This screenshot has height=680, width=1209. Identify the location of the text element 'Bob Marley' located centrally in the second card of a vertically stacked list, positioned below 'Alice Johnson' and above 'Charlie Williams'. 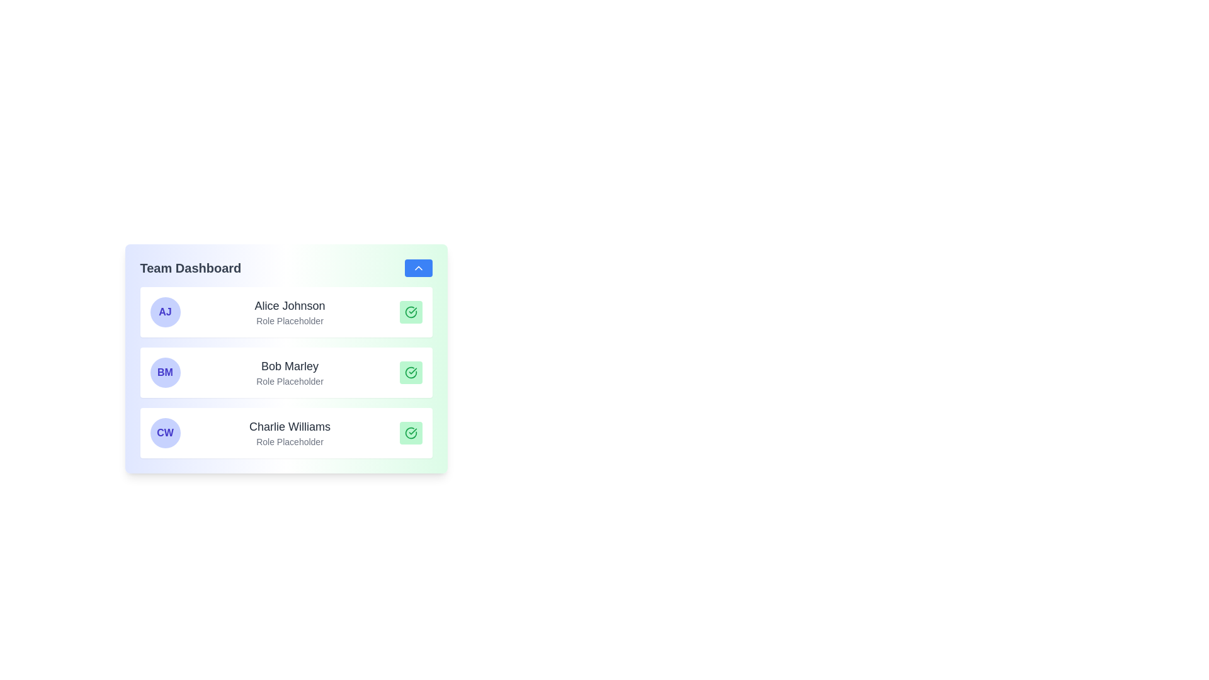
(289, 366).